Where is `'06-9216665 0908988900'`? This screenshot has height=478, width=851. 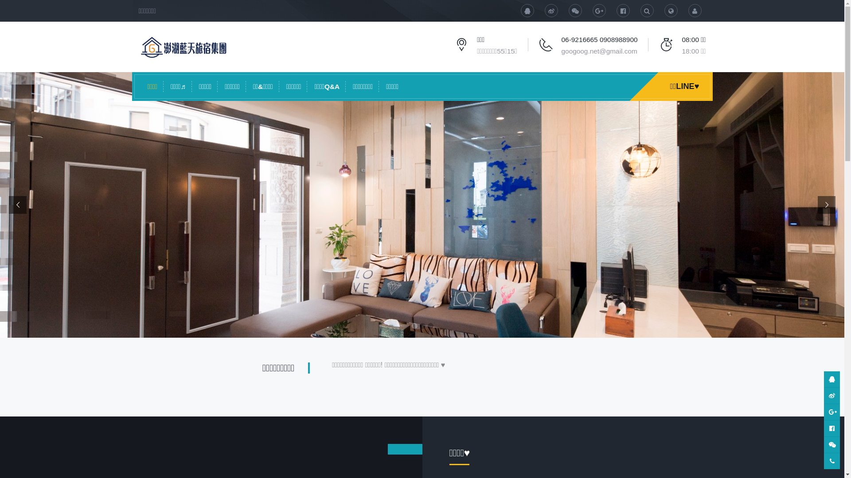
'06-9216665 0908988900' is located at coordinates (600, 39).